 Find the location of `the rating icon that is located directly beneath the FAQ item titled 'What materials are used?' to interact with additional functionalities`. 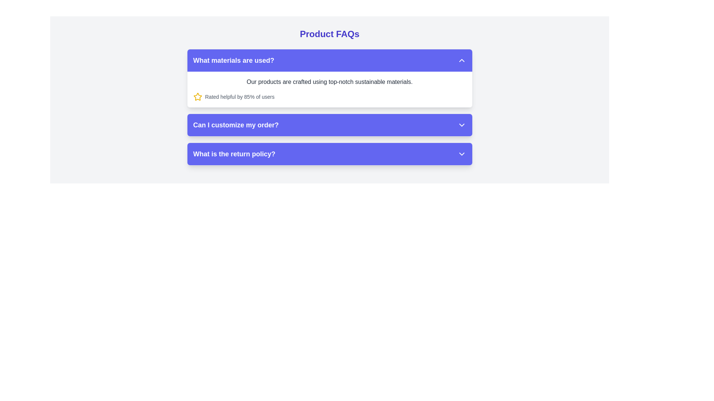

the rating icon that is located directly beneath the FAQ item titled 'What materials are used?' to interact with additional functionalities is located at coordinates (197, 96).